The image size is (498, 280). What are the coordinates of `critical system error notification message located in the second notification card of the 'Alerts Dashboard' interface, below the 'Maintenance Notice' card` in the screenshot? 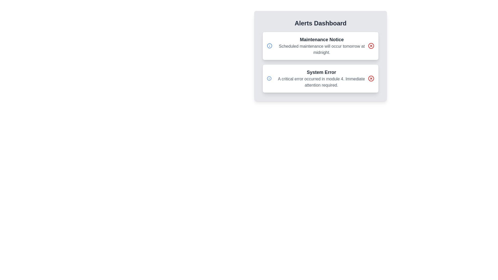 It's located at (321, 79).